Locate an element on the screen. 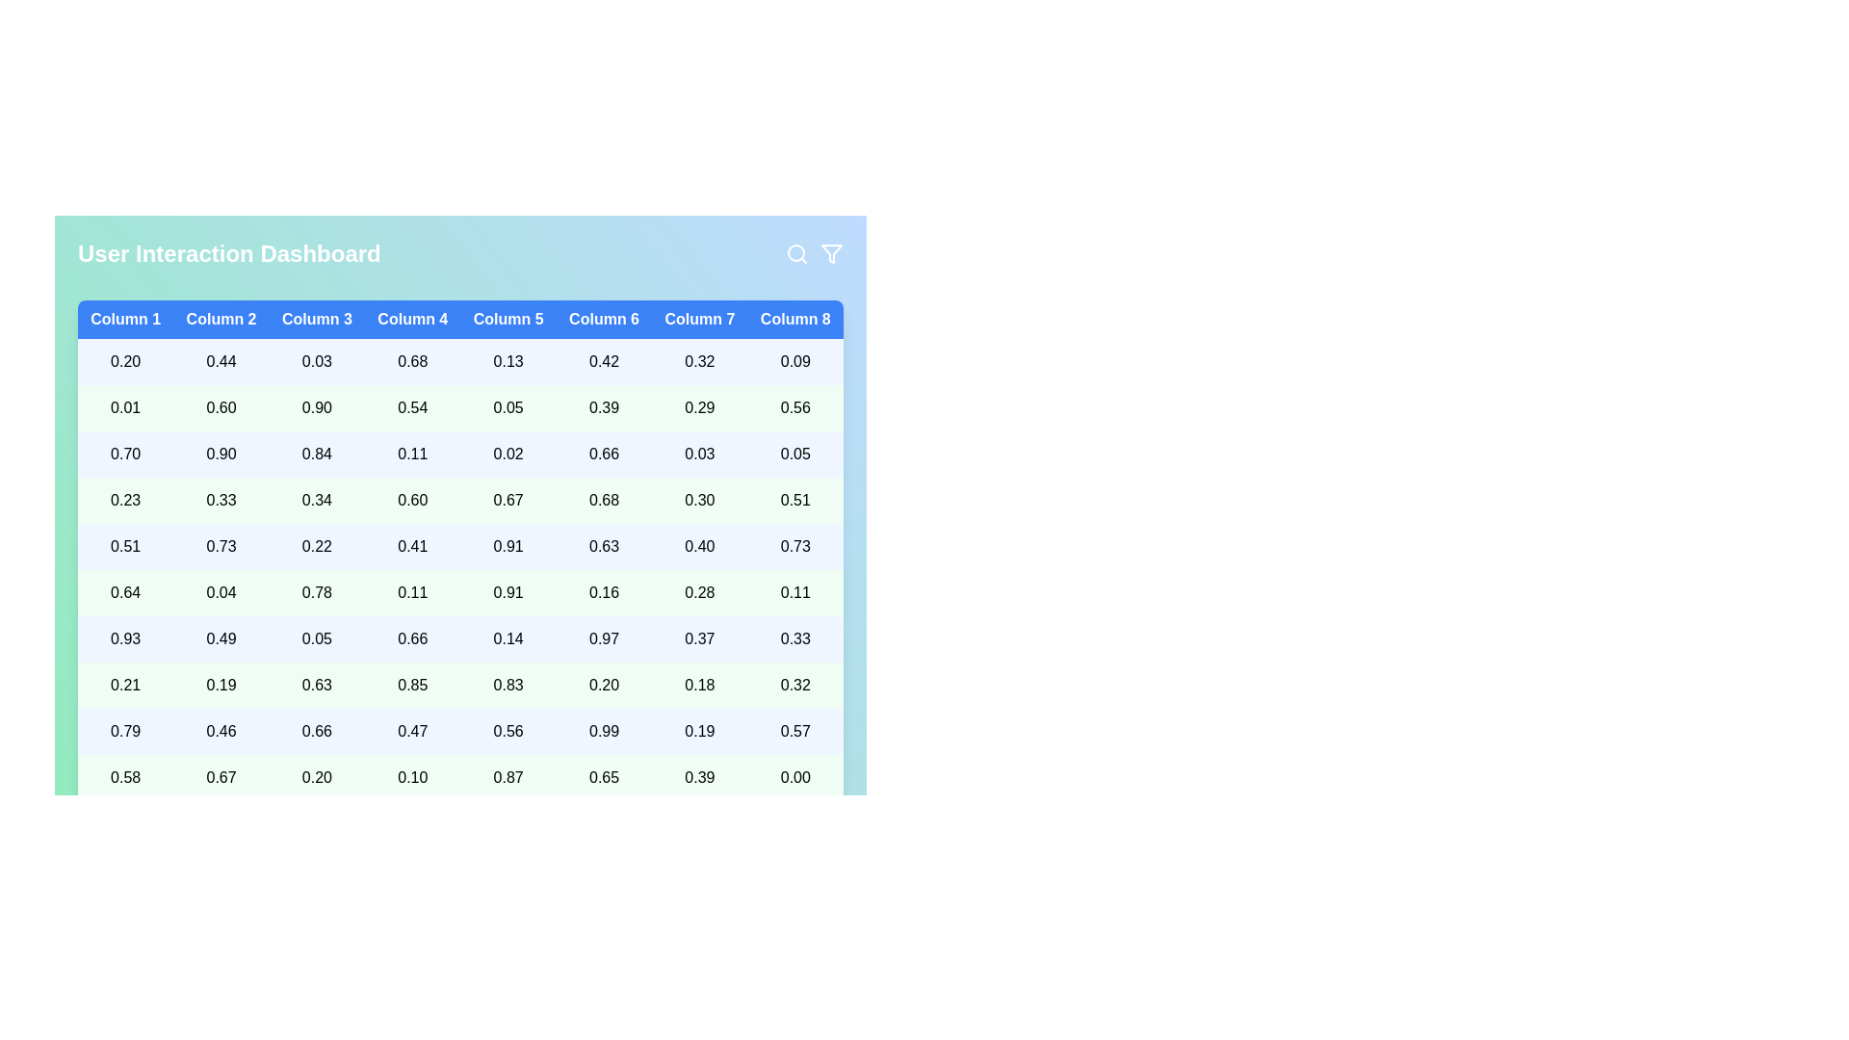 The image size is (1849, 1040). the search icon to initiate a search action is located at coordinates (797, 252).